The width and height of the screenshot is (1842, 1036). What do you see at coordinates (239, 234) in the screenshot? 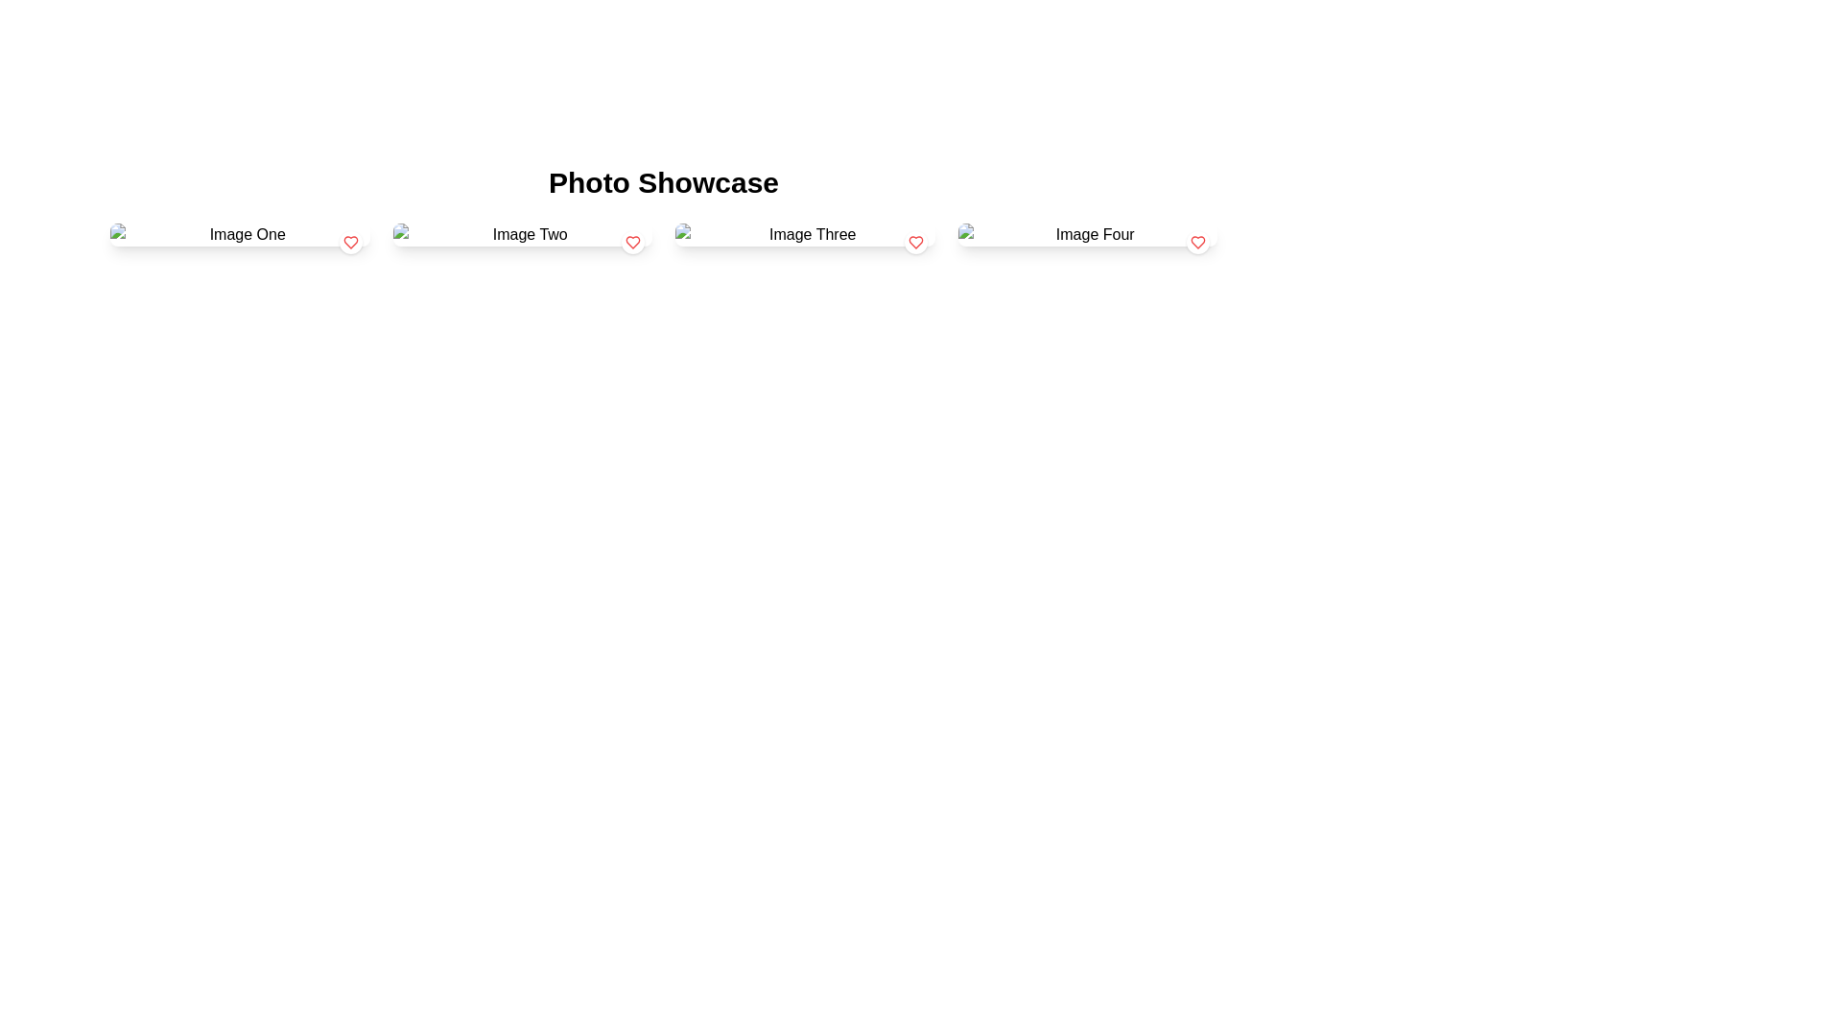
I see `details of the image in the tile labeled 'Image One', which is the first tile in a grid layout with a heart icon at the top-right corner` at bounding box center [239, 234].